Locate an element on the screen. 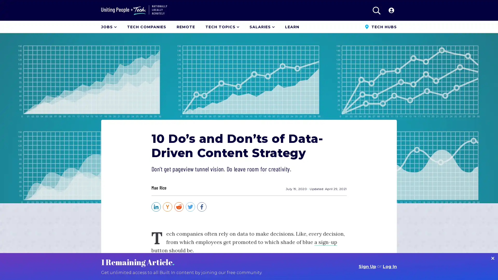 The image size is (498, 280). Log In is located at coordinates (390, 267).